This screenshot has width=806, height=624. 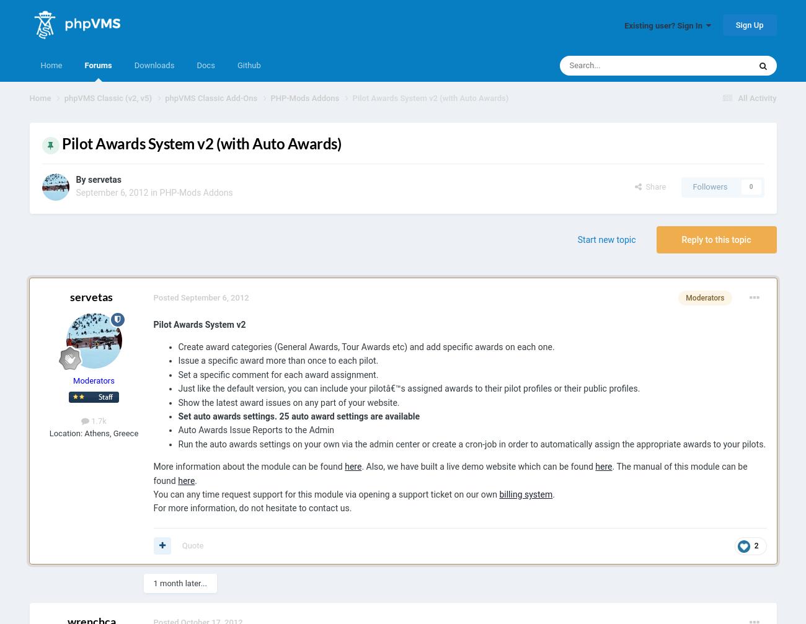 What do you see at coordinates (153, 65) in the screenshot?
I see `'Downloads'` at bounding box center [153, 65].